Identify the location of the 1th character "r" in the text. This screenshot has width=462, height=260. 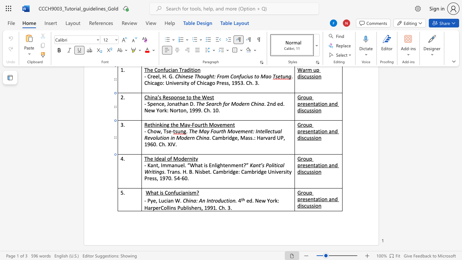
(188, 158).